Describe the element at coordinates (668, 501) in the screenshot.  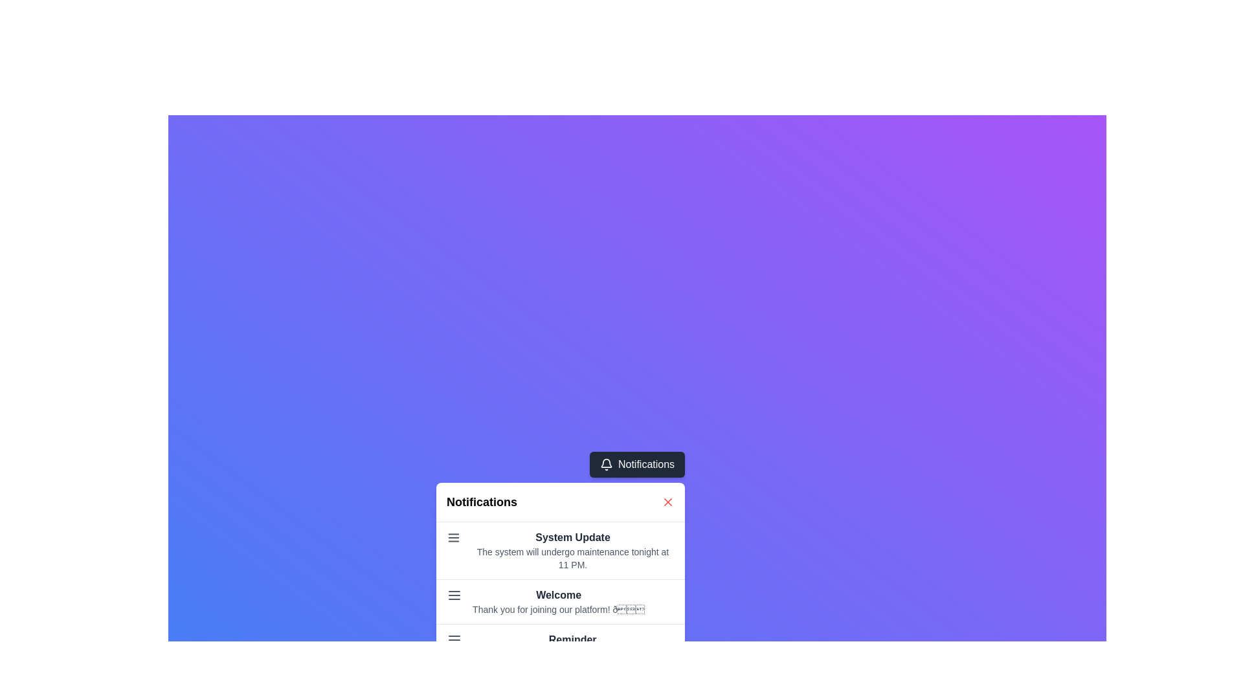
I see `the close button located in the upper-right corner of the notifications drop-down panel to potentially see a tooltip or visual emphasis` at that location.